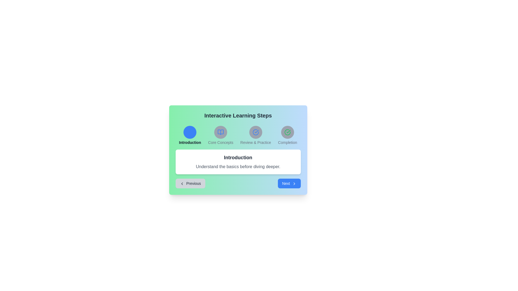 The height and width of the screenshot is (291, 518). Describe the element at coordinates (190, 135) in the screenshot. I see `the labeled icon representing the 'Introduction' step in the interactive learning process` at that location.